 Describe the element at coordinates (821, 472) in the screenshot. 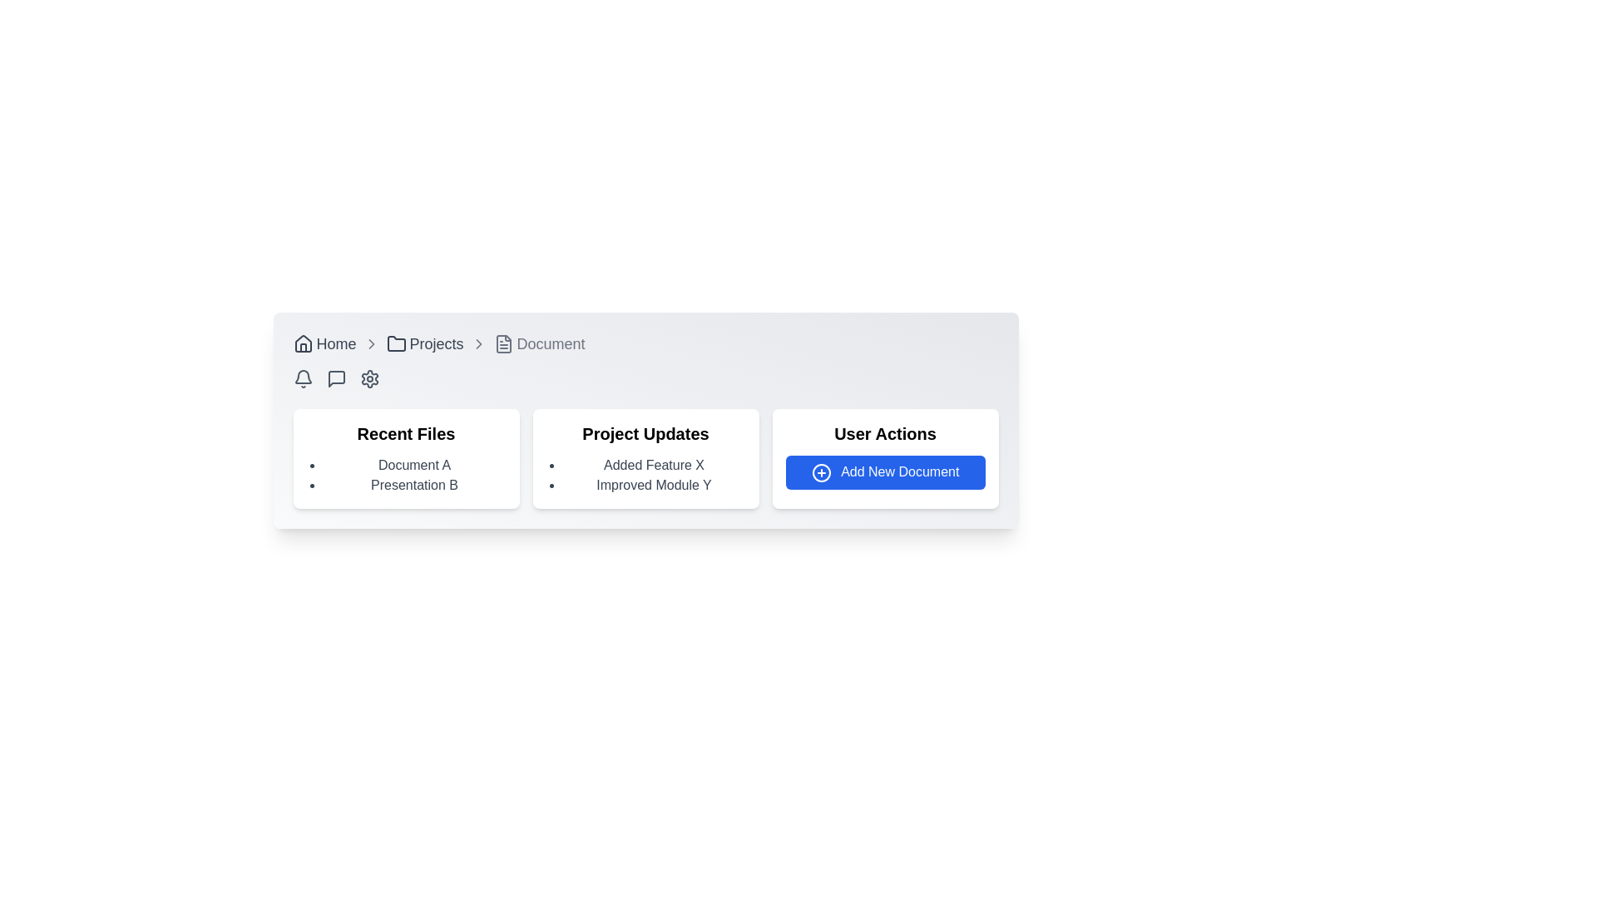

I see `the circular icon depicting a plus (+) symbol, which is styled with a blue stroke and positioned to the left of the 'Add New Document' text` at that location.